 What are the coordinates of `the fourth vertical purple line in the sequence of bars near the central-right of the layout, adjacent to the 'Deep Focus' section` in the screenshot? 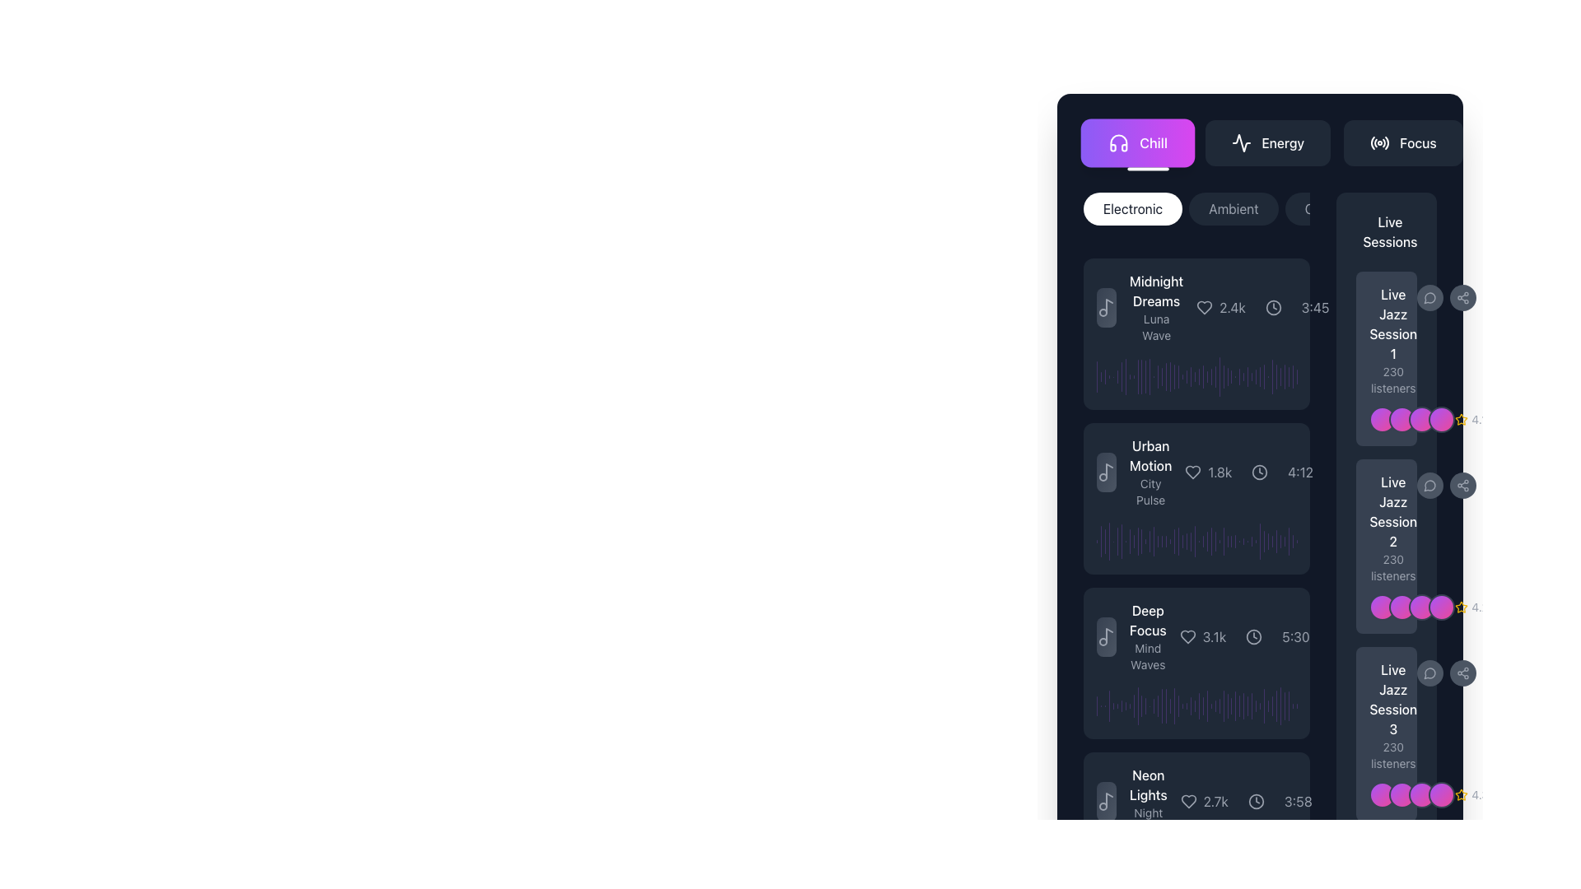 It's located at (1109, 705).